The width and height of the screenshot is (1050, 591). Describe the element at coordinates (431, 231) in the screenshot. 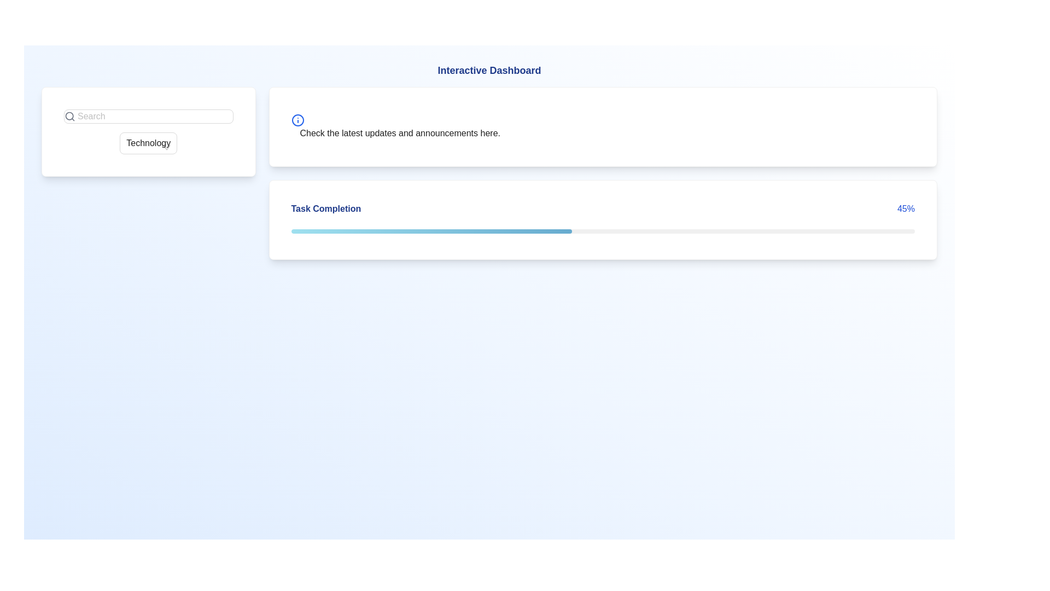

I see `the progress bar that visually represents the completion percentage of a task, which is located below the 'Task Completion' label and displays '45%'` at that location.